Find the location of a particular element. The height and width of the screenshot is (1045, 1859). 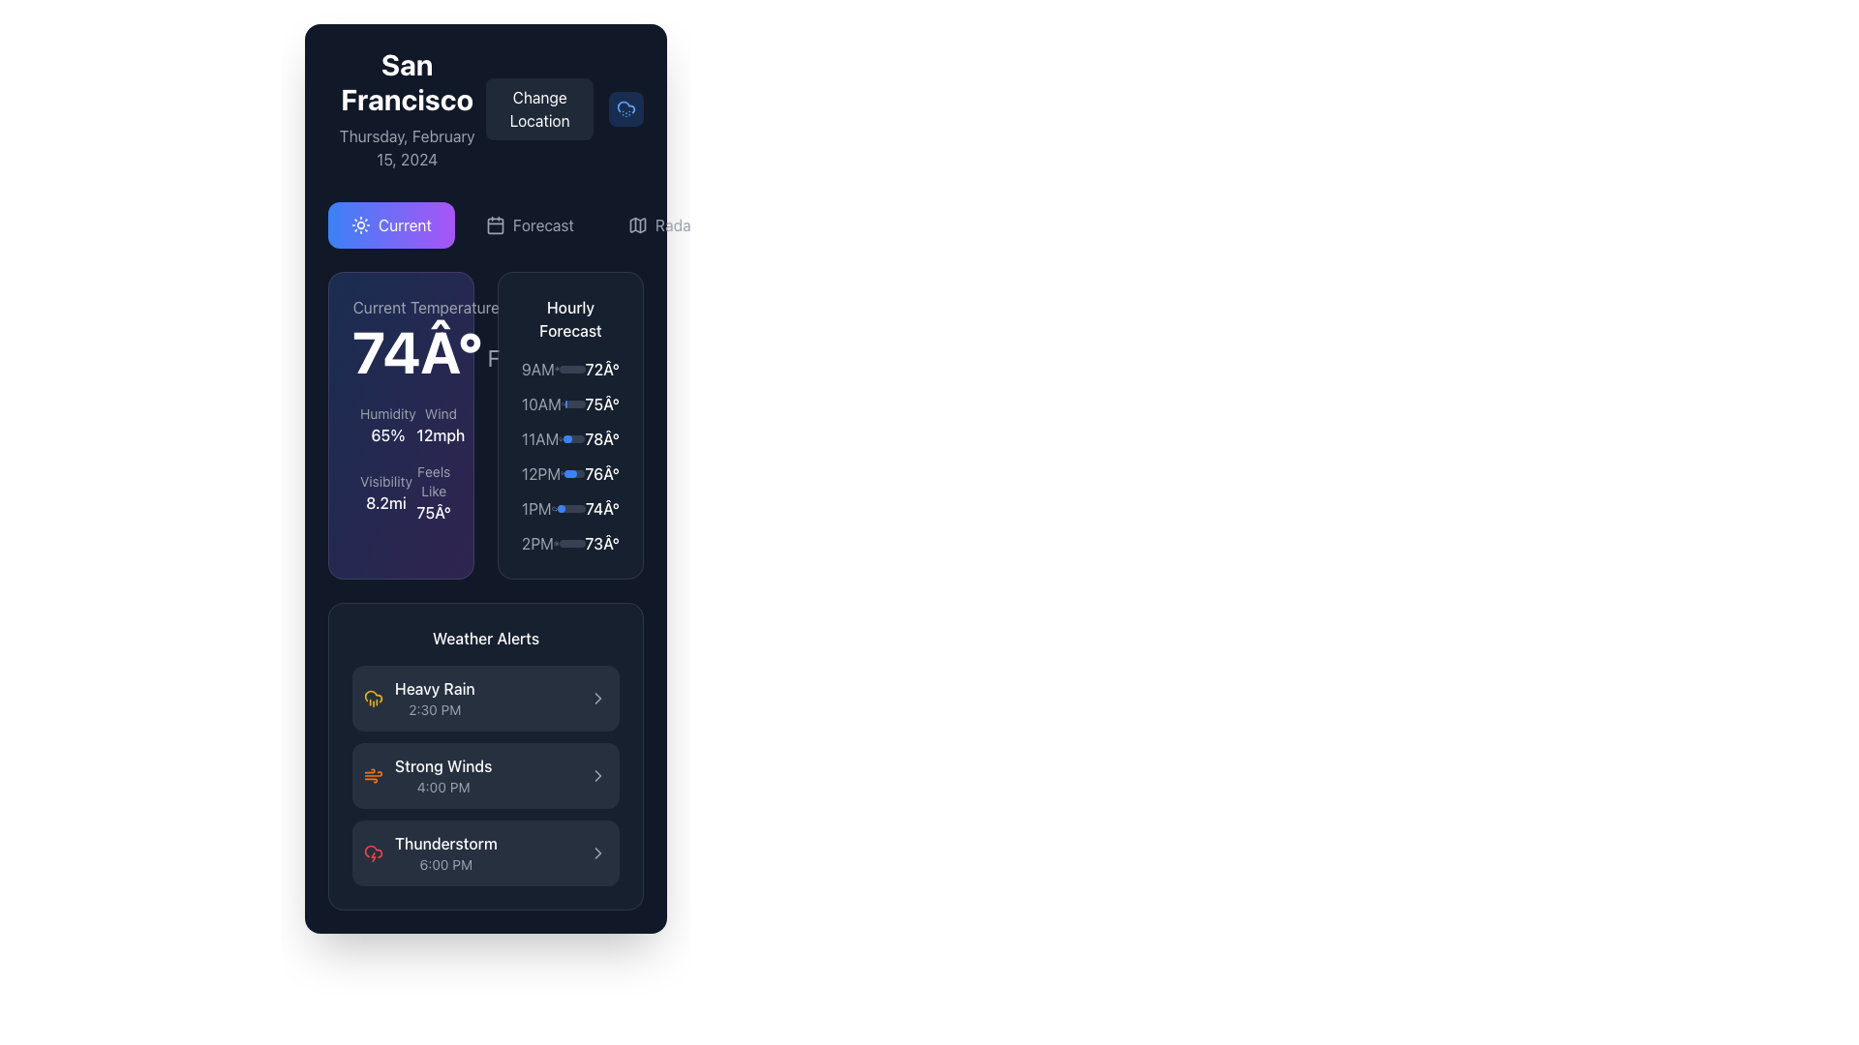

the Forecast item displaying text, an icon, and a progress bar located within the 'Hourly Forecast' section, which is the first item in the vertically stacked forecast list is located at coordinates (569, 369).